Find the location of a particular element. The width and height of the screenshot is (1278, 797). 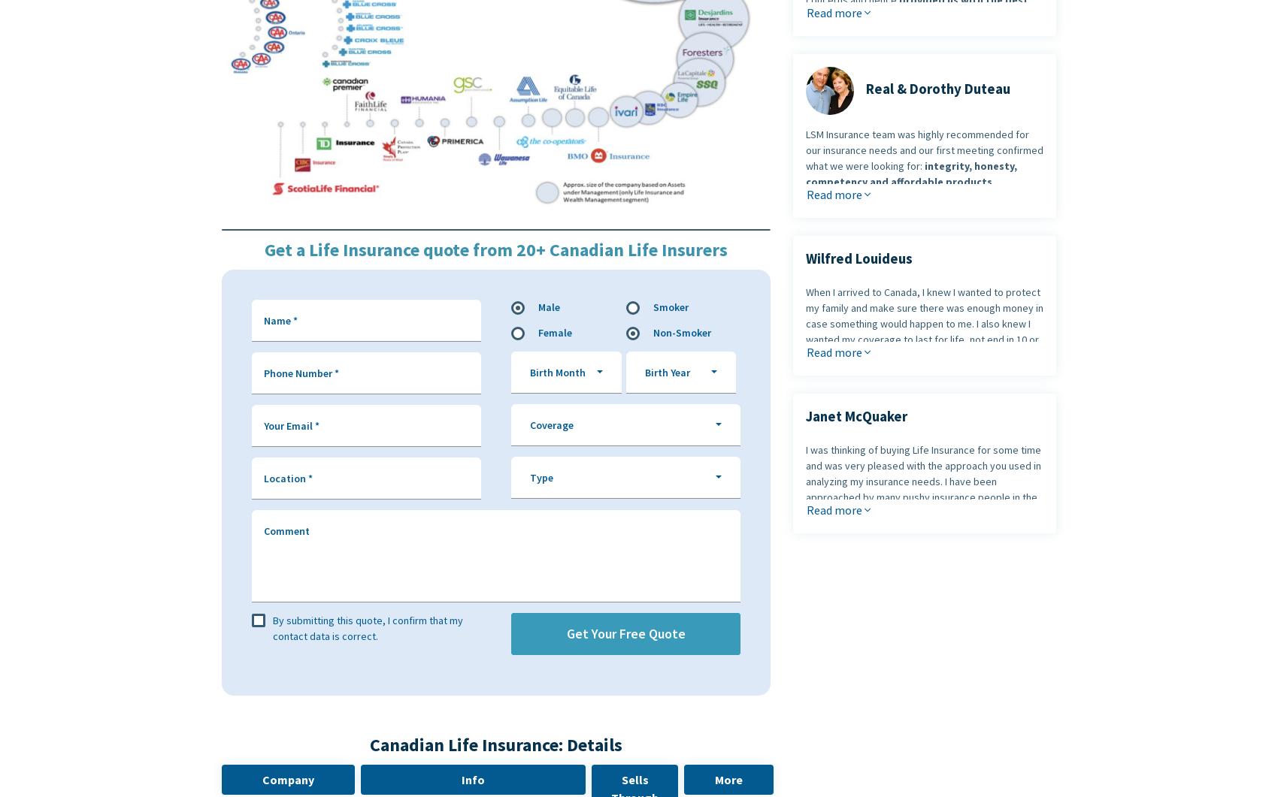

'By submitting this quote, I confirm that my contact data is correct.' is located at coordinates (368, 628).